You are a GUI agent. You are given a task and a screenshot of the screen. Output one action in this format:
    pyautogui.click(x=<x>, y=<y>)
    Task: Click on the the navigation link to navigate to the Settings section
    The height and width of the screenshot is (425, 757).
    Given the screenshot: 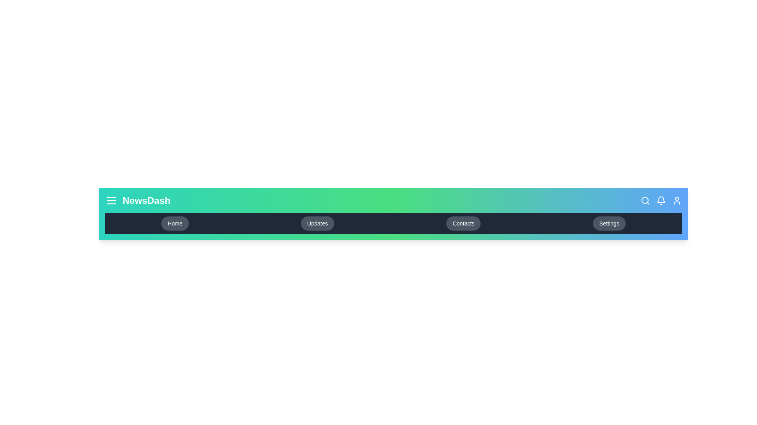 What is the action you would take?
    pyautogui.click(x=609, y=223)
    